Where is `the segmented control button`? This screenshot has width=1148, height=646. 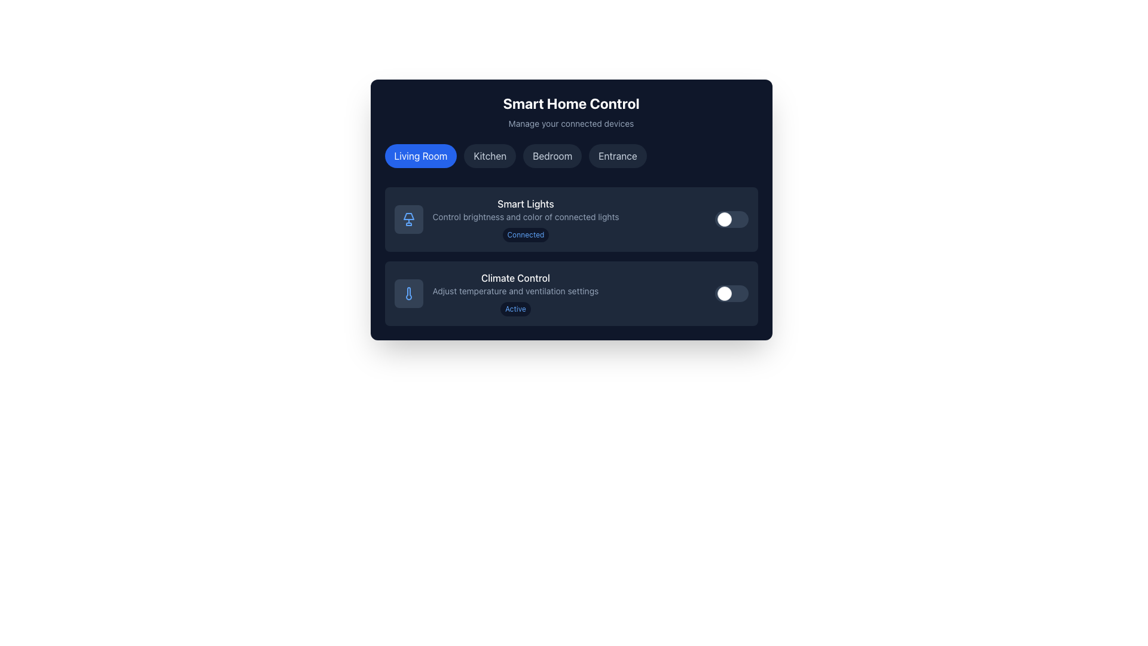
the segmented control button is located at coordinates (570, 158).